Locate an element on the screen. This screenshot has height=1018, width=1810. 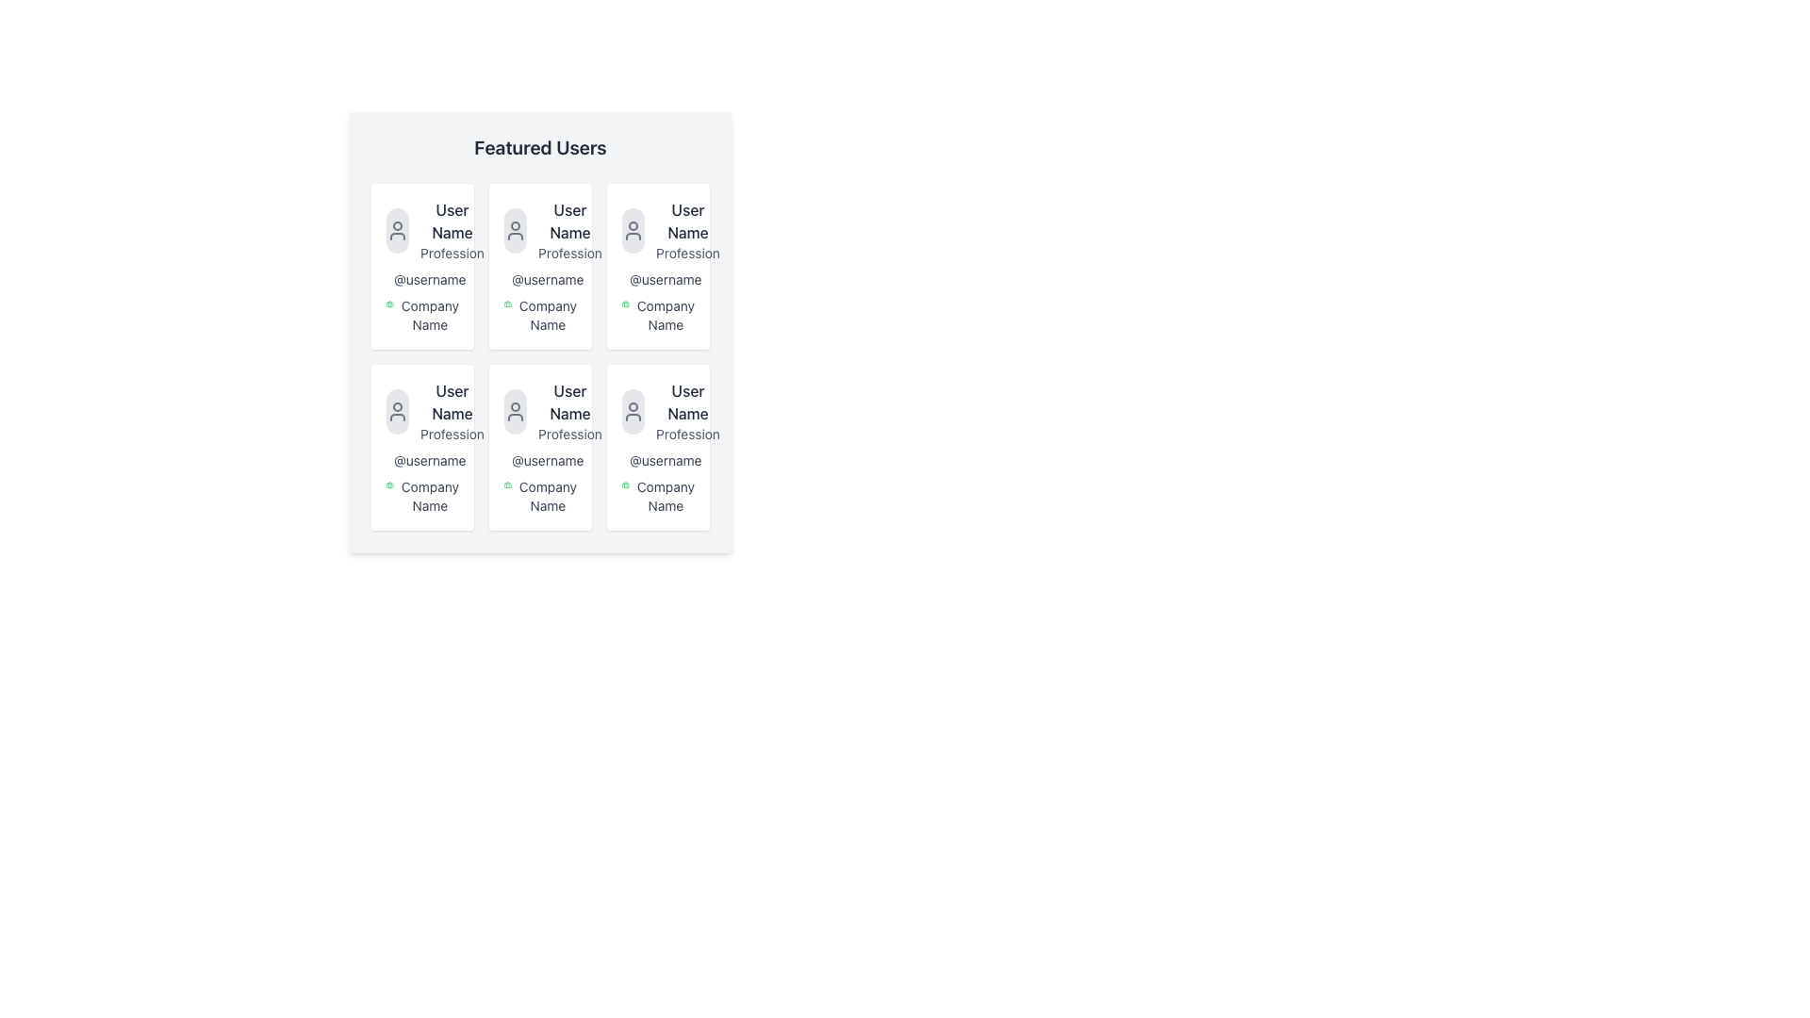
text content of the text label displaying '@username' which is styled in a smaller font size and gray color, located within a user information card in the grid is located at coordinates (539, 461).